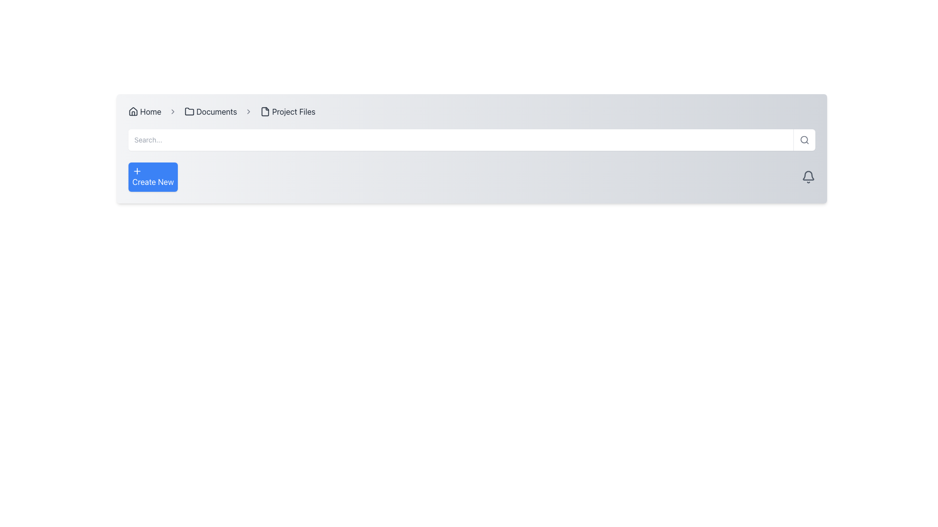  Describe the element at coordinates (809, 177) in the screenshot. I see `the bell-shaped icon located at the far right end of the navigation bar` at that location.